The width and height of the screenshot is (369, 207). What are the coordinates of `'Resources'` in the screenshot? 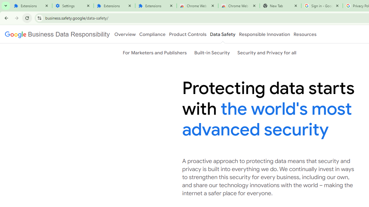 It's located at (305, 34).